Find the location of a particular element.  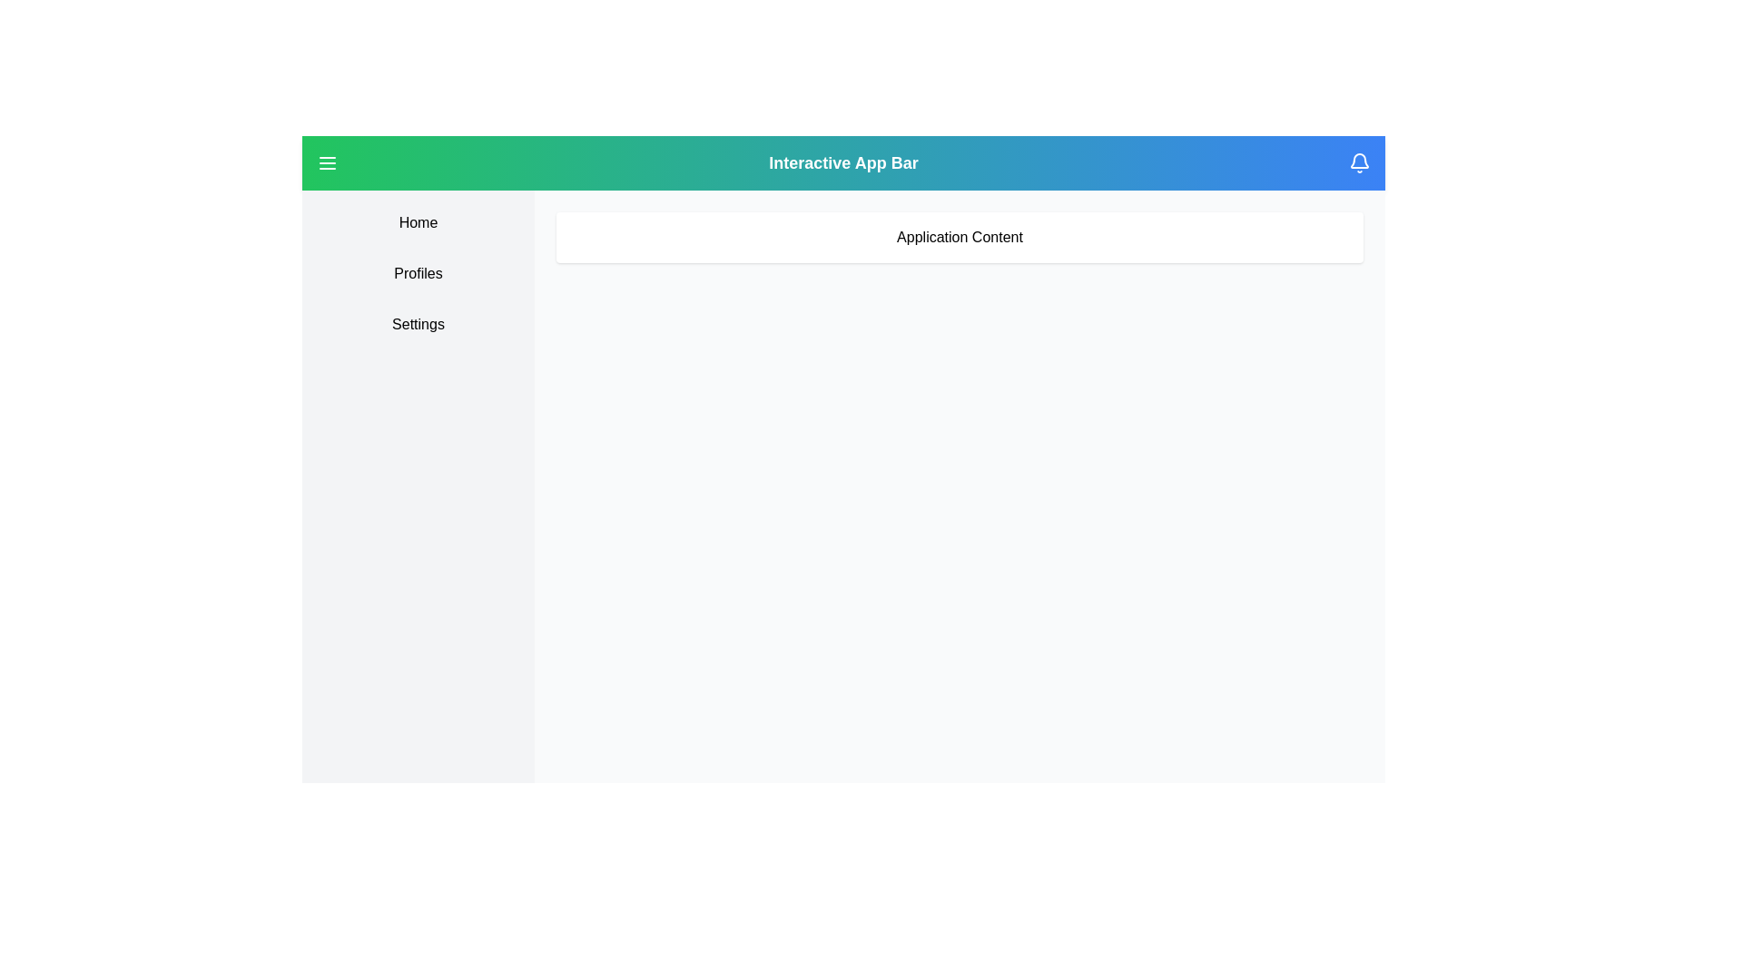

the notification icon located at the top-right corner of the app bar is located at coordinates (1359, 163).